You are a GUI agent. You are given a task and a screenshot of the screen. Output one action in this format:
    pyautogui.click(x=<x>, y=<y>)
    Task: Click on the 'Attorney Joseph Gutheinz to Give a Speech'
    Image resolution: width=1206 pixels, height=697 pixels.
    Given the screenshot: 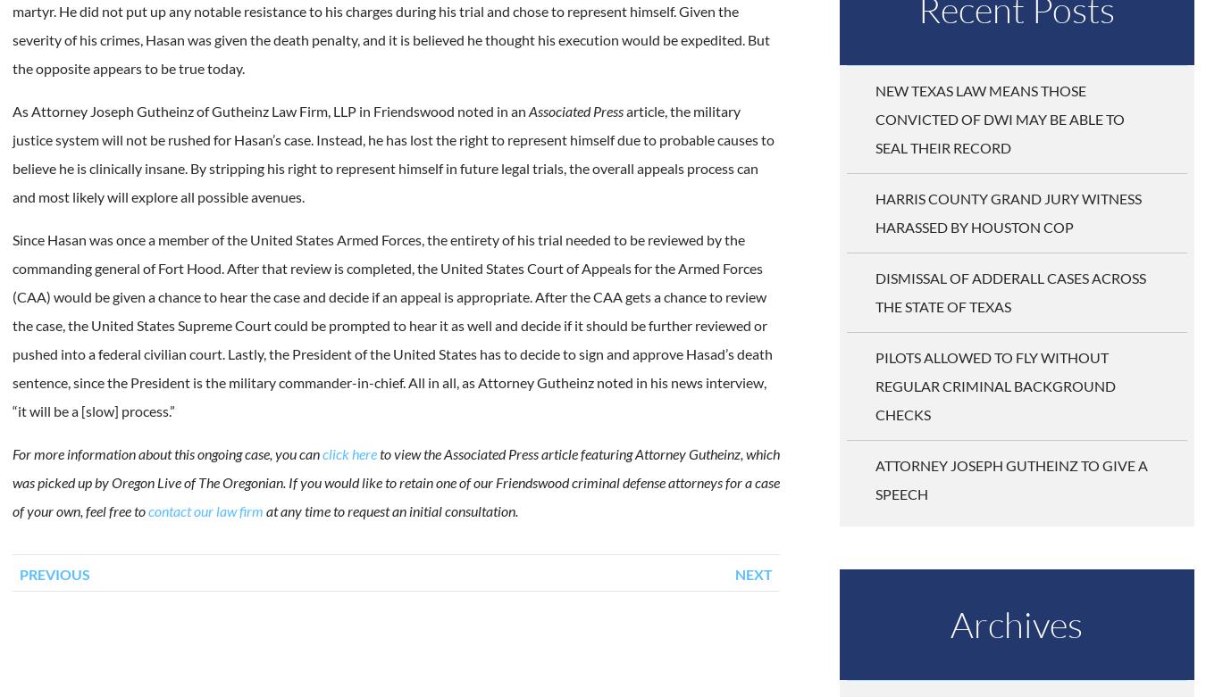 What is the action you would take?
    pyautogui.click(x=1009, y=478)
    